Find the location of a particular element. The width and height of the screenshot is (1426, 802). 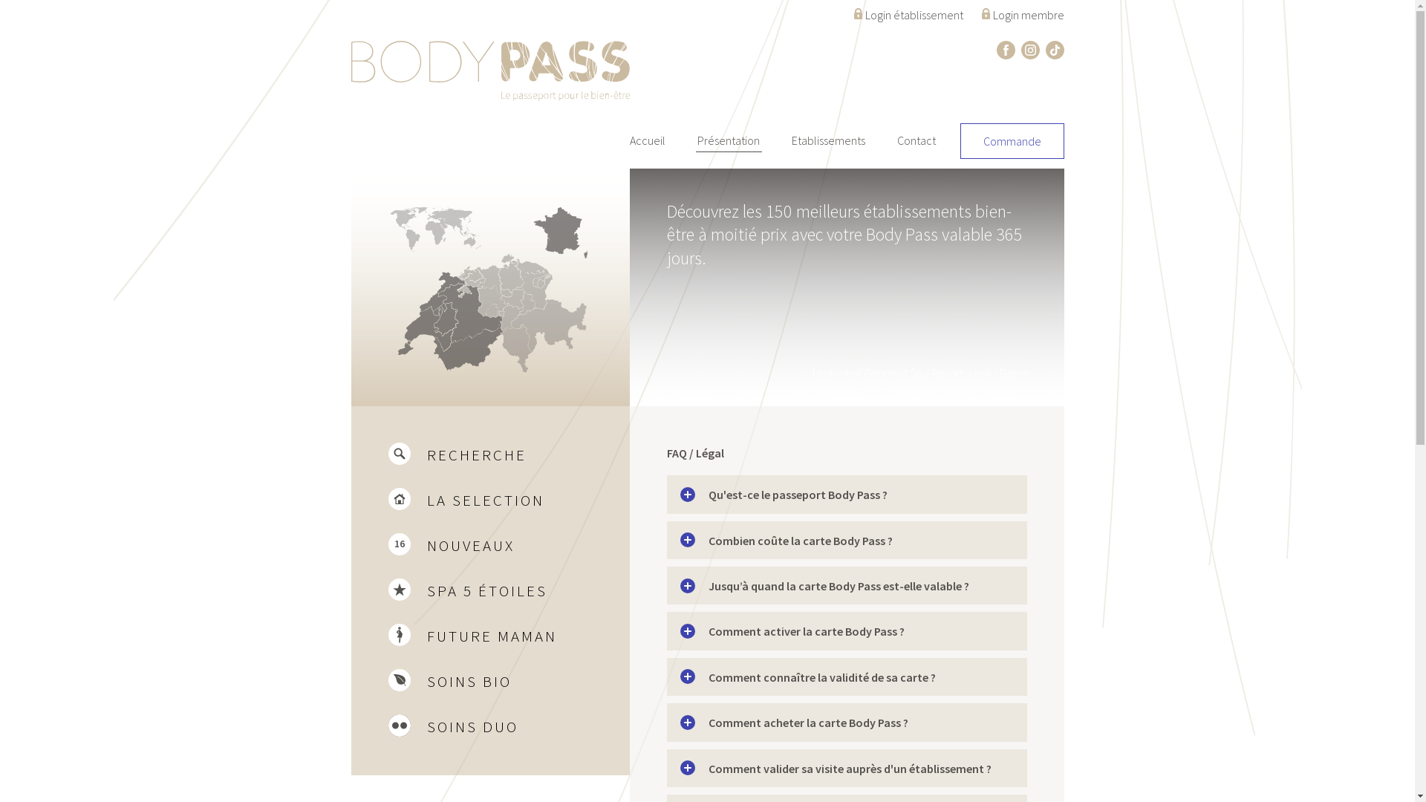

'Open' is located at coordinates (687, 495).